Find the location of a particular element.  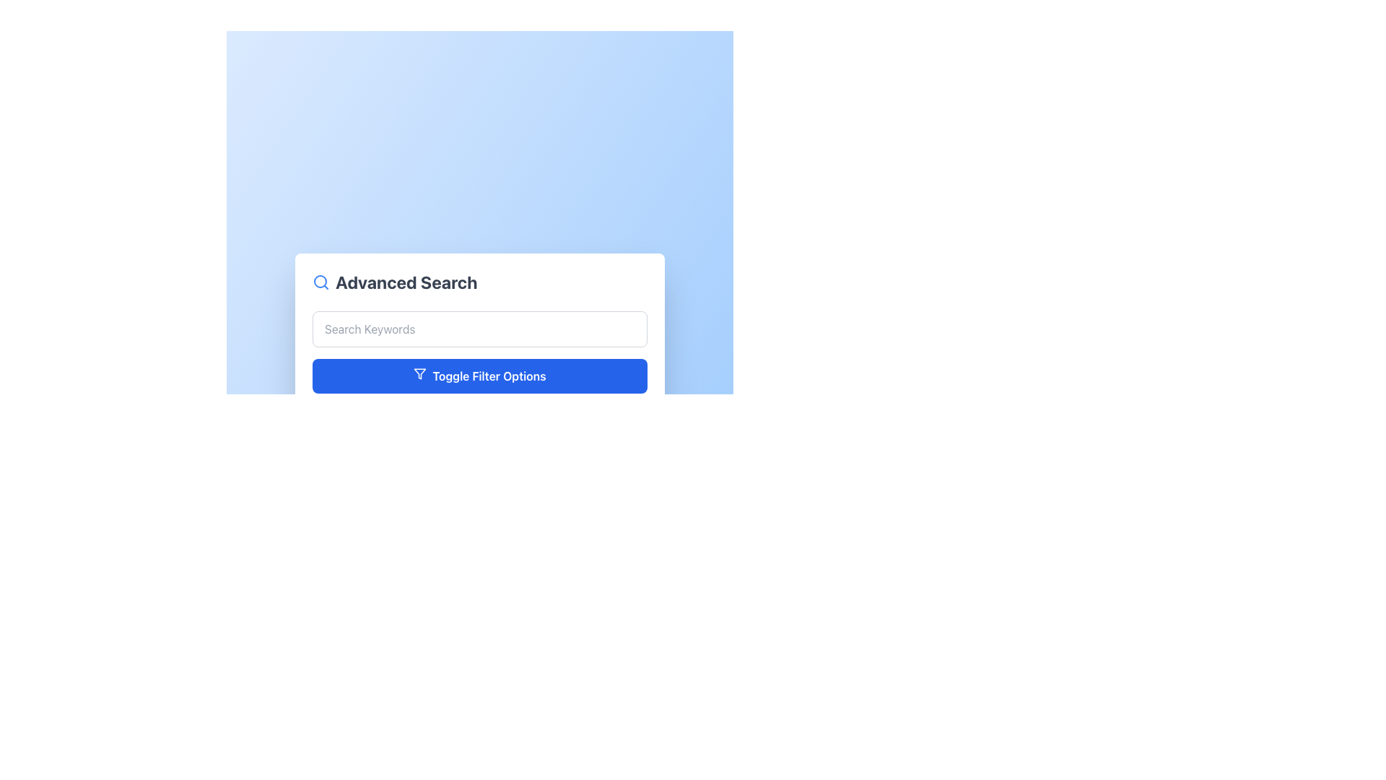

the circular decorative graphical element that represents the magnifying glass symbolizing search functionality, located to the left of the 'Advanced Search' text is located at coordinates (320, 281).